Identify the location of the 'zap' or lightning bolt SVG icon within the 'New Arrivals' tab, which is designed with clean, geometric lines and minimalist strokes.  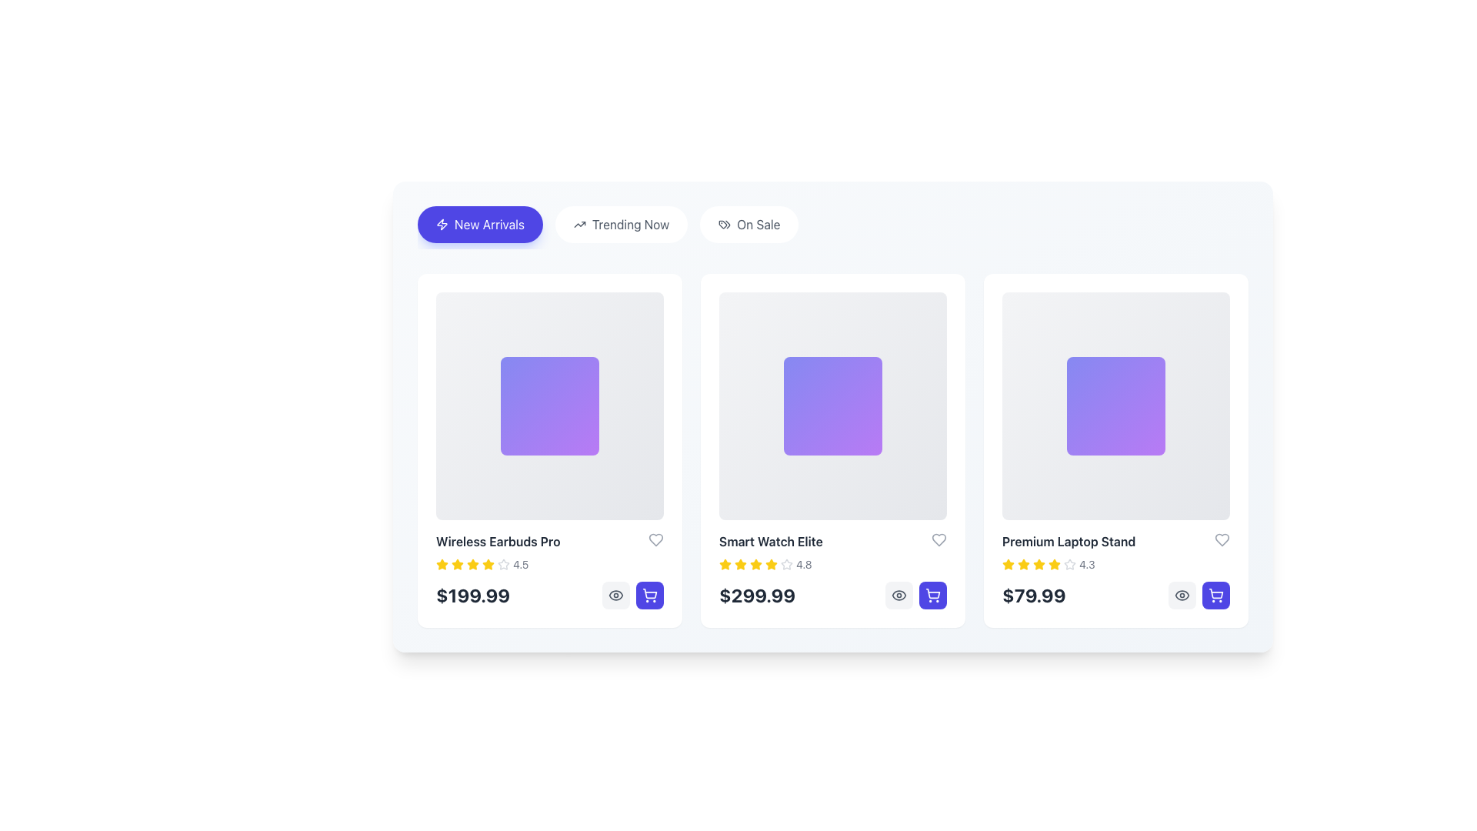
(442, 225).